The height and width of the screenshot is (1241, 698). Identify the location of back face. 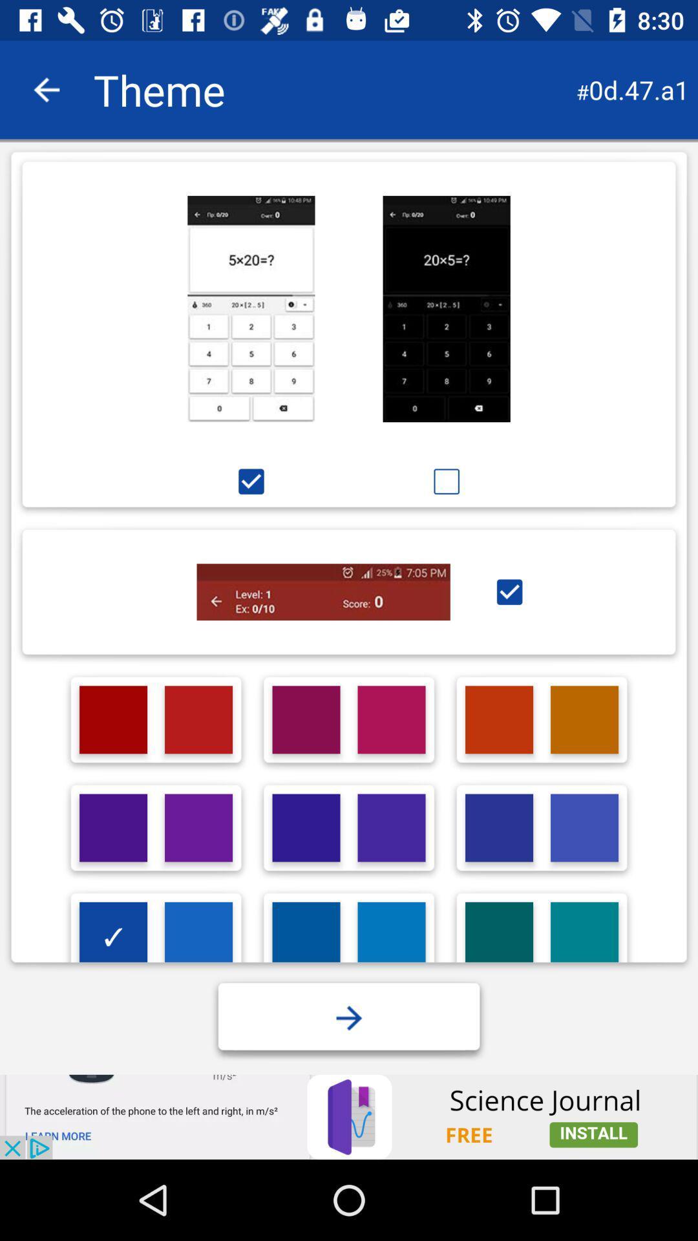
(46, 89).